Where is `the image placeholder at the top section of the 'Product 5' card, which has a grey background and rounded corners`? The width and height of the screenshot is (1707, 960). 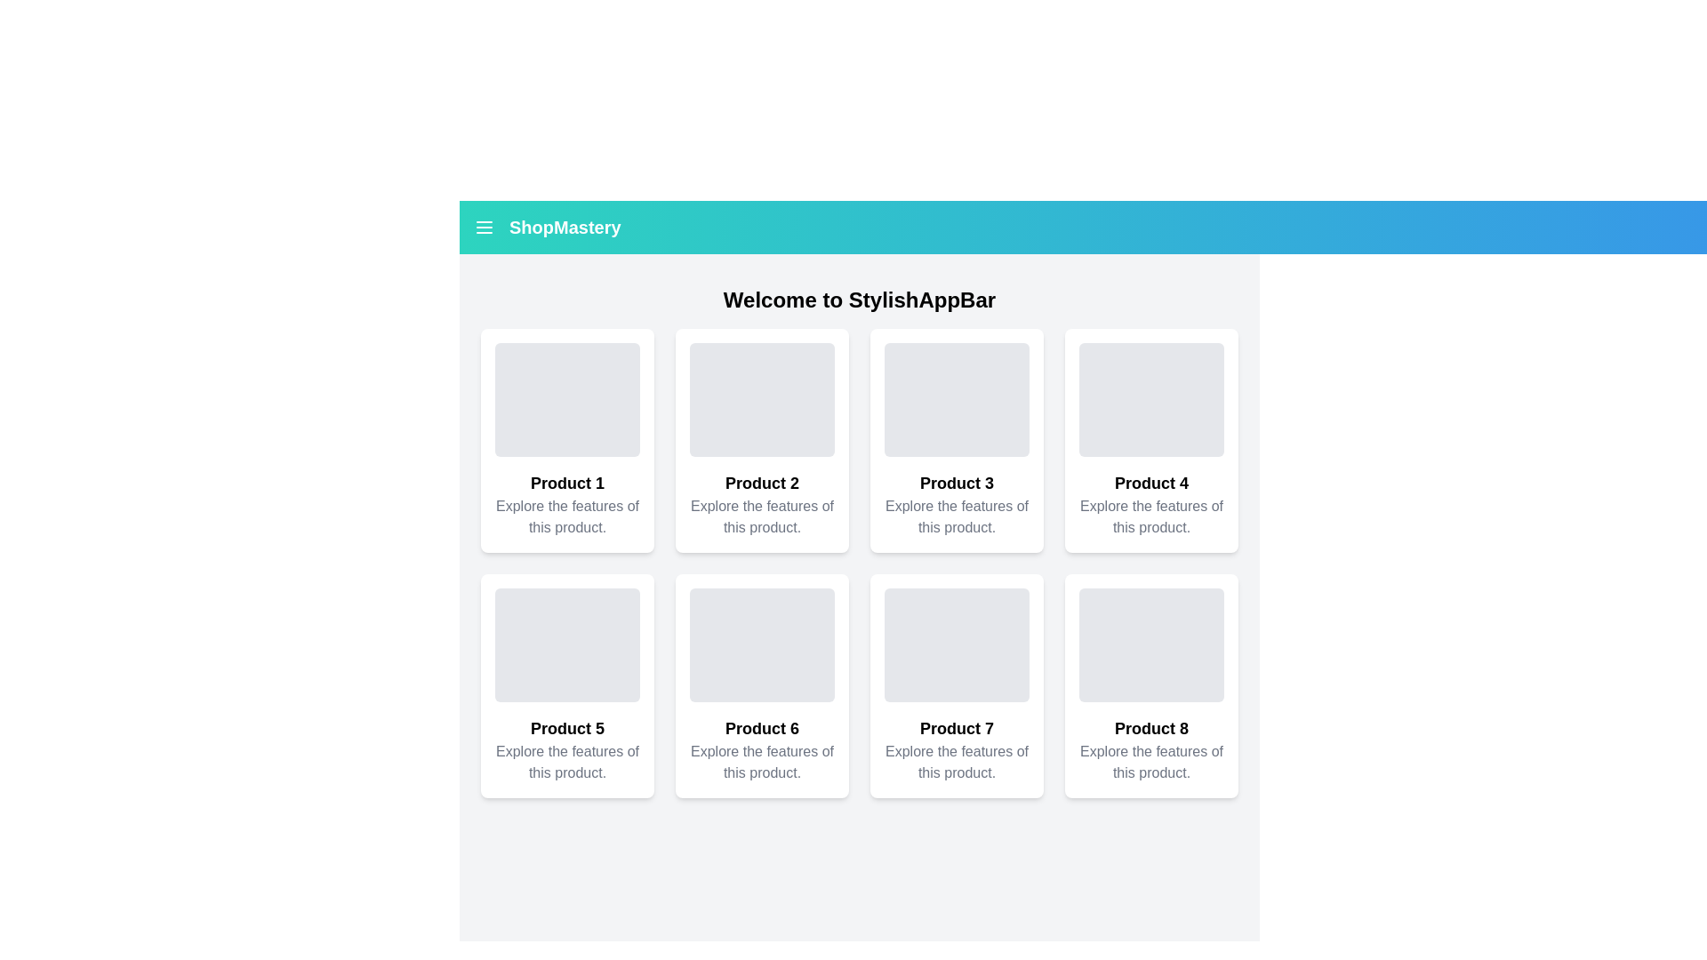
the image placeholder at the top section of the 'Product 5' card, which has a grey background and rounded corners is located at coordinates (566, 644).